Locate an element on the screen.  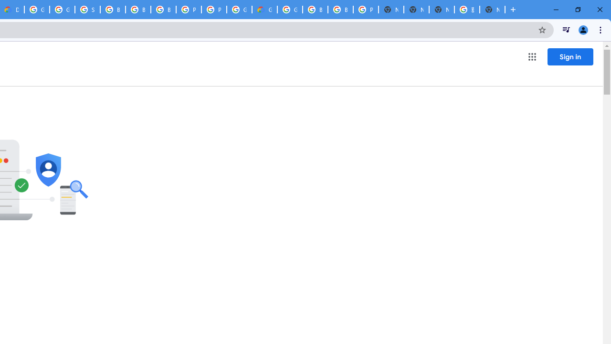
'Sign in' is located at coordinates (570, 56).